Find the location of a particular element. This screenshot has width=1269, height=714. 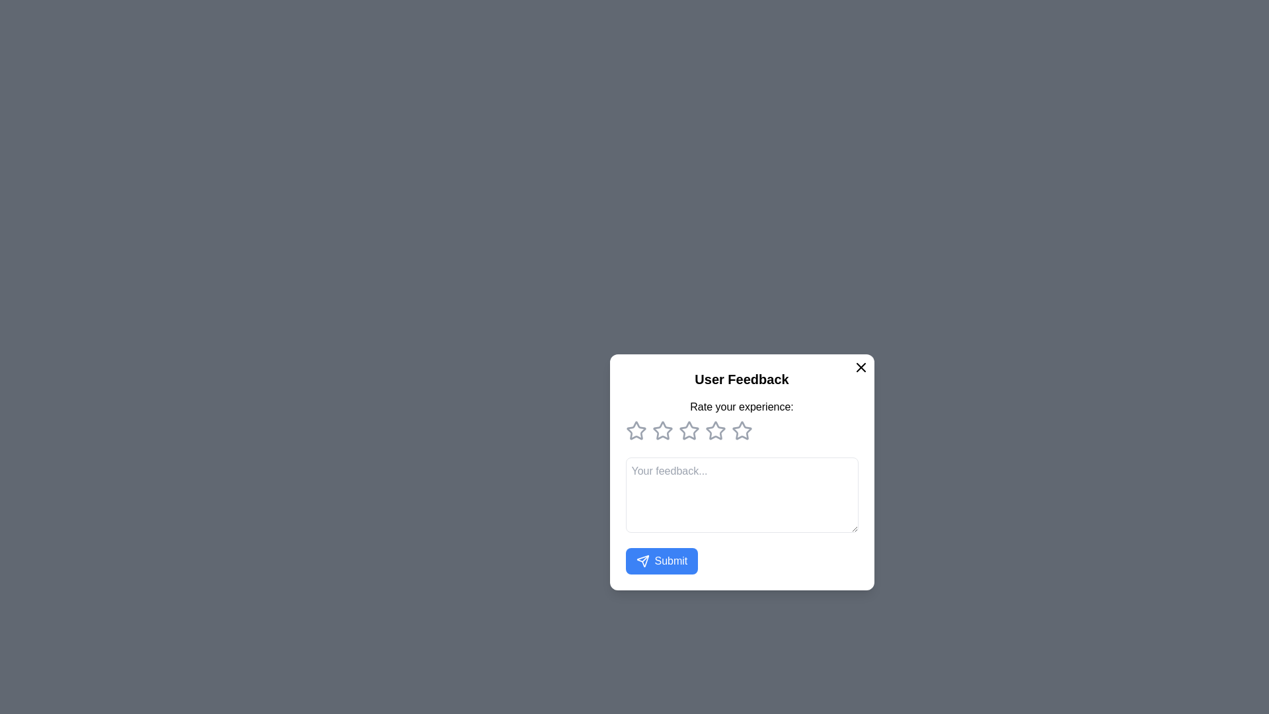

the second star icon in the 5-star rating system is located at coordinates (662, 430).